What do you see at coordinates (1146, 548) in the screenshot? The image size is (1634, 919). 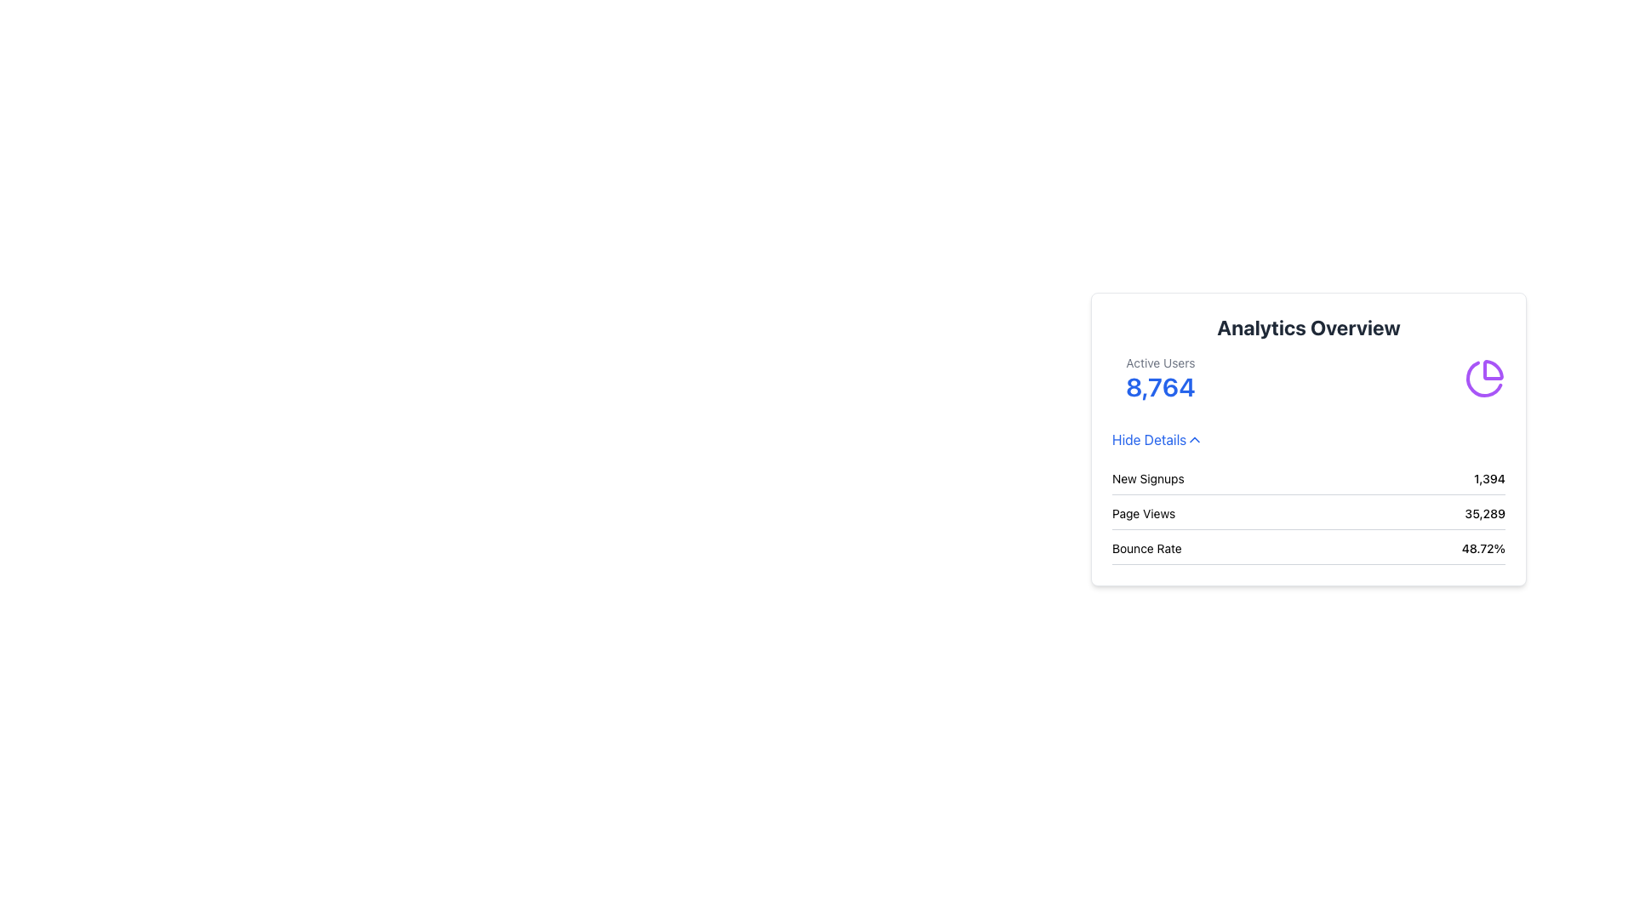 I see `the text label reading 'Bounce Rate' located on the left side of the row in the 'Analytics Overview' card` at bounding box center [1146, 548].